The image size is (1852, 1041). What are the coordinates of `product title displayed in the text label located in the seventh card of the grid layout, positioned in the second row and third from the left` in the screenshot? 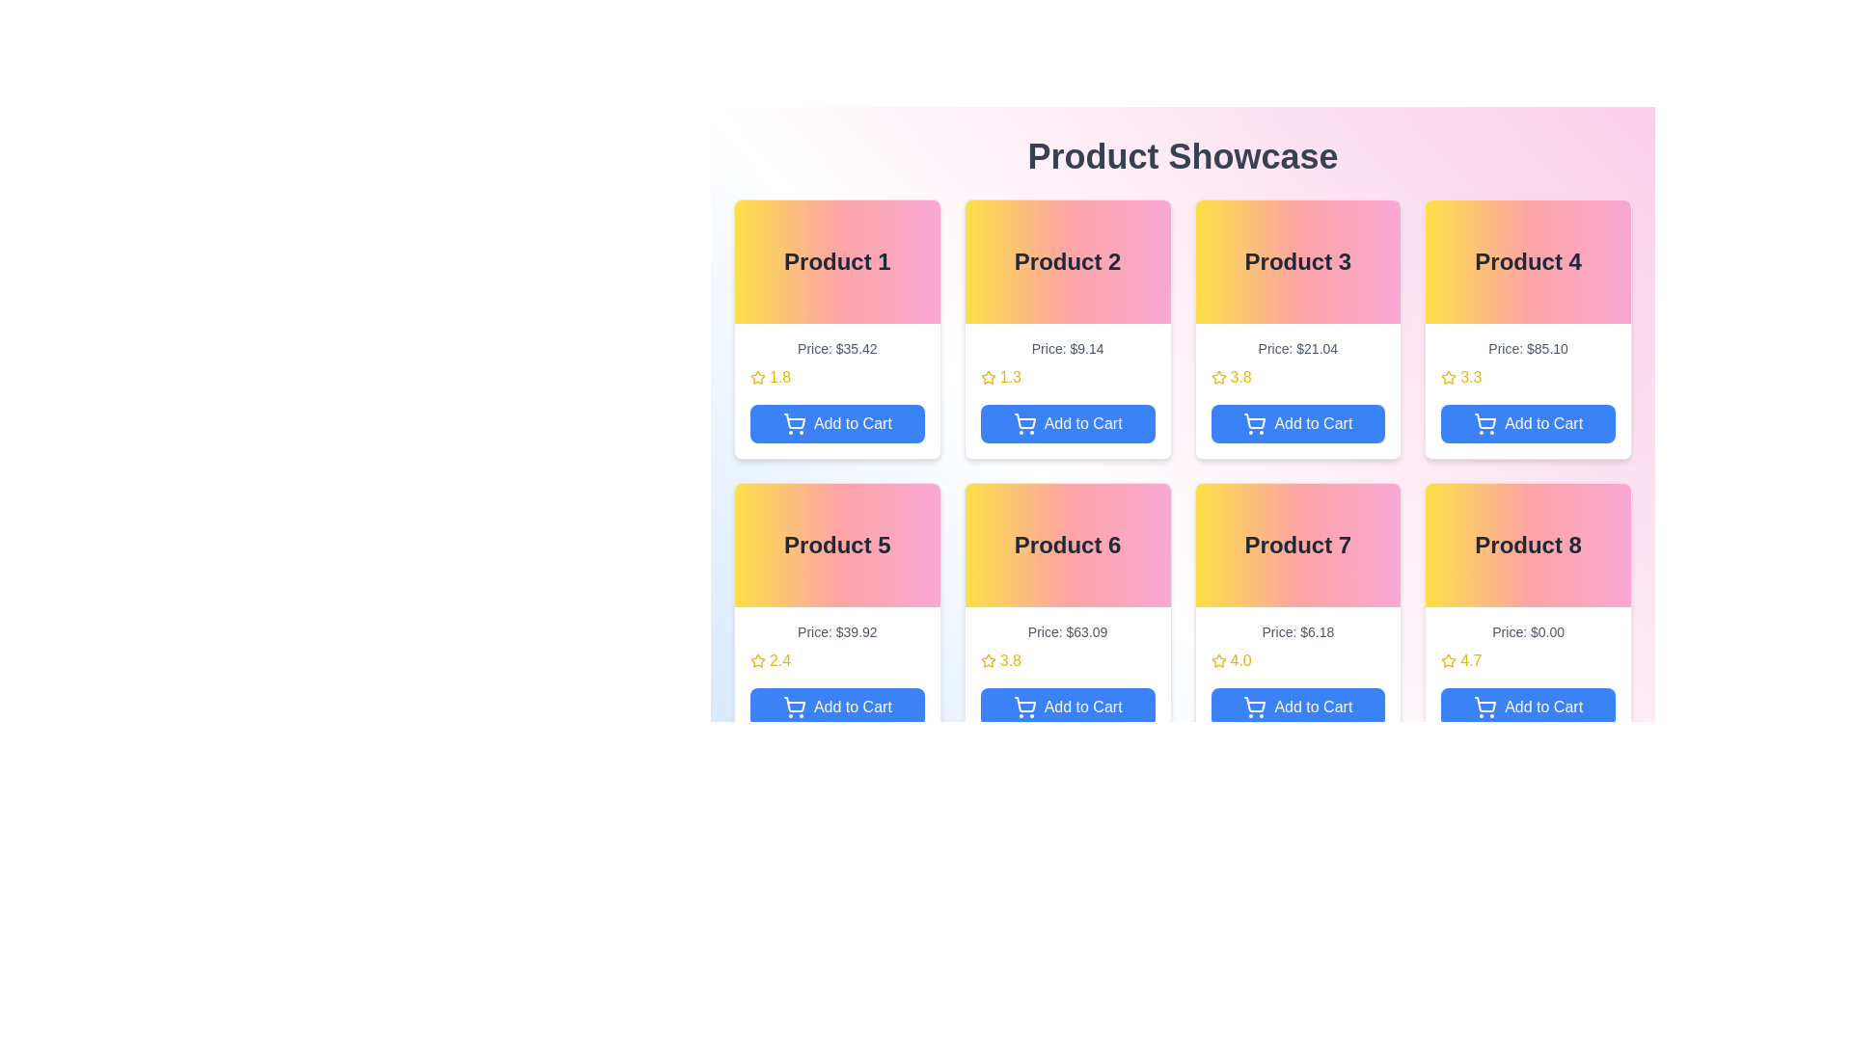 It's located at (1297, 546).